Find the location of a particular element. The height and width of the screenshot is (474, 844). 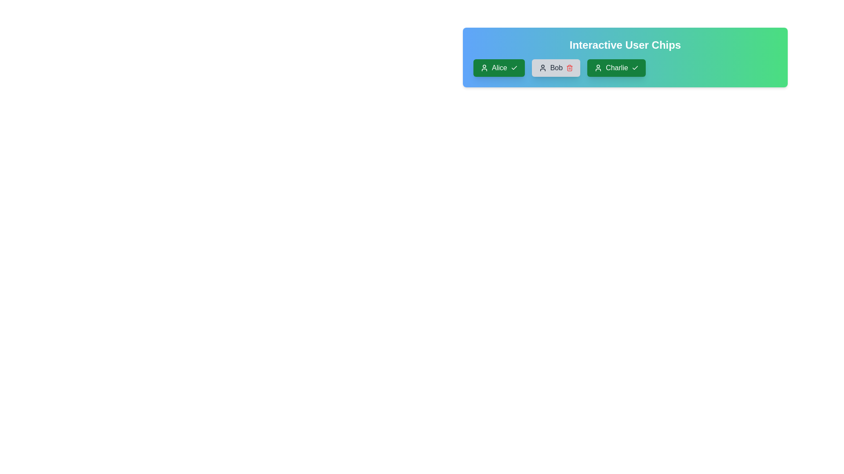

the user chip labeled Alice is located at coordinates (499, 67).